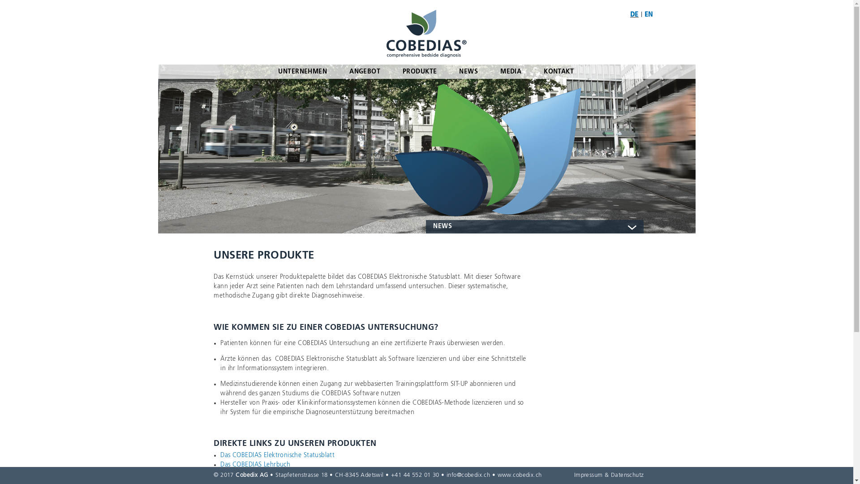 This screenshot has width=860, height=484. Describe the element at coordinates (419, 71) in the screenshot. I see `'PRODUKTE'` at that location.